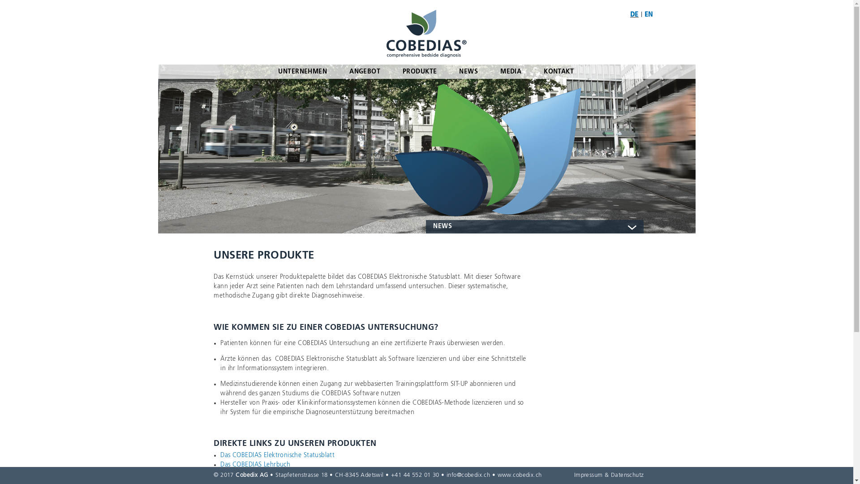 This screenshot has width=860, height=484. Describe the element at coordinates (419, 71) in the screenshot. I see `'PRODUKTE'` at that location.